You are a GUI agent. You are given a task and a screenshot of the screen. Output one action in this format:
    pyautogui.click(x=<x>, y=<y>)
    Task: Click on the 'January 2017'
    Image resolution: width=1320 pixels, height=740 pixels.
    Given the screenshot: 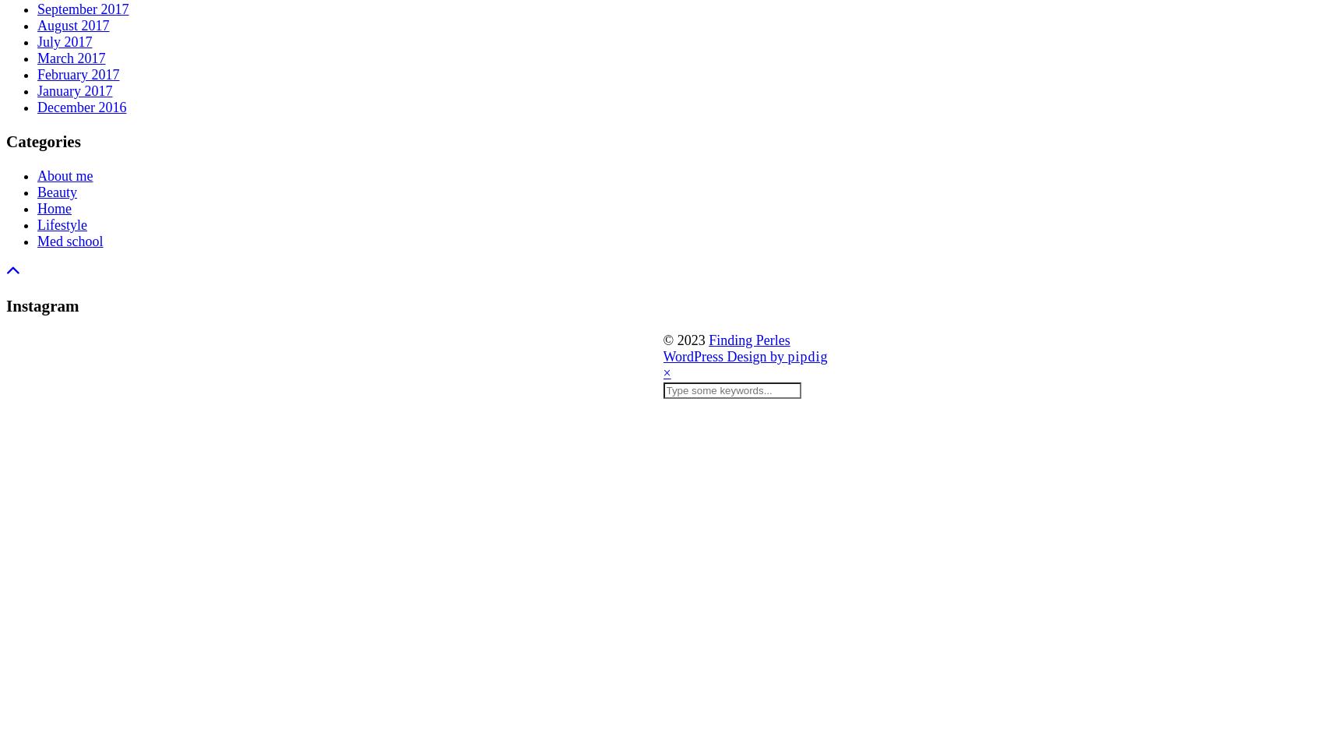 What is the action you would take?
    pyautogui.click(x=73, y=90)
    